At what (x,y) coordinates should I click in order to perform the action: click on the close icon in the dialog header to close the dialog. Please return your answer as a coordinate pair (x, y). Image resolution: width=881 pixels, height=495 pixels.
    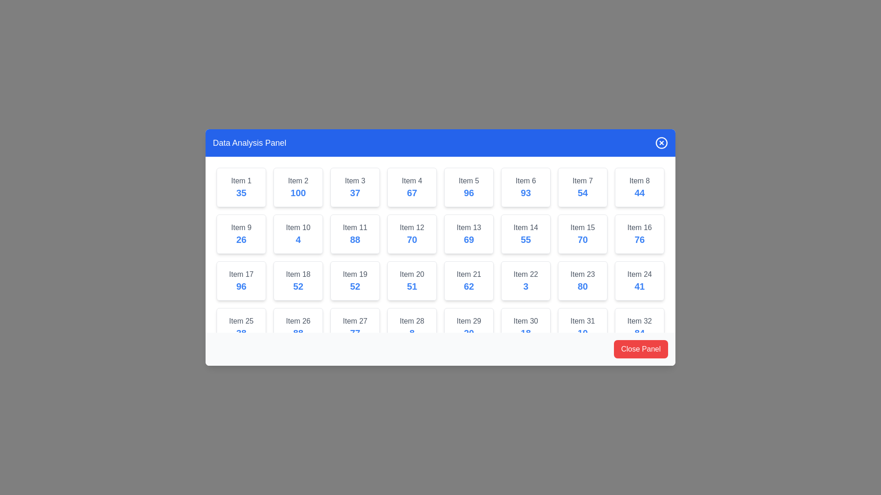
    Looking at the image, I should click on (661, 143).